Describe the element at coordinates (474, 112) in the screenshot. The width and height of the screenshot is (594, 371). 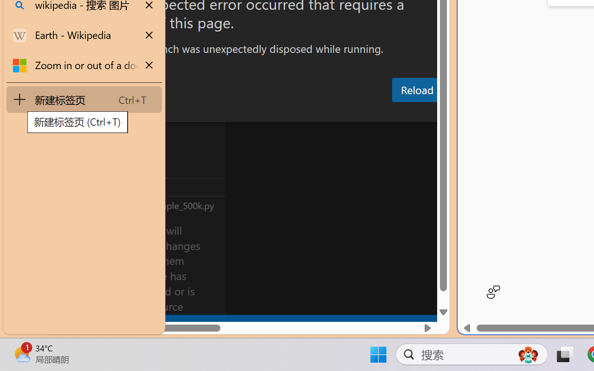
I see `'Terminal (Ctrl+`)'` at that location.